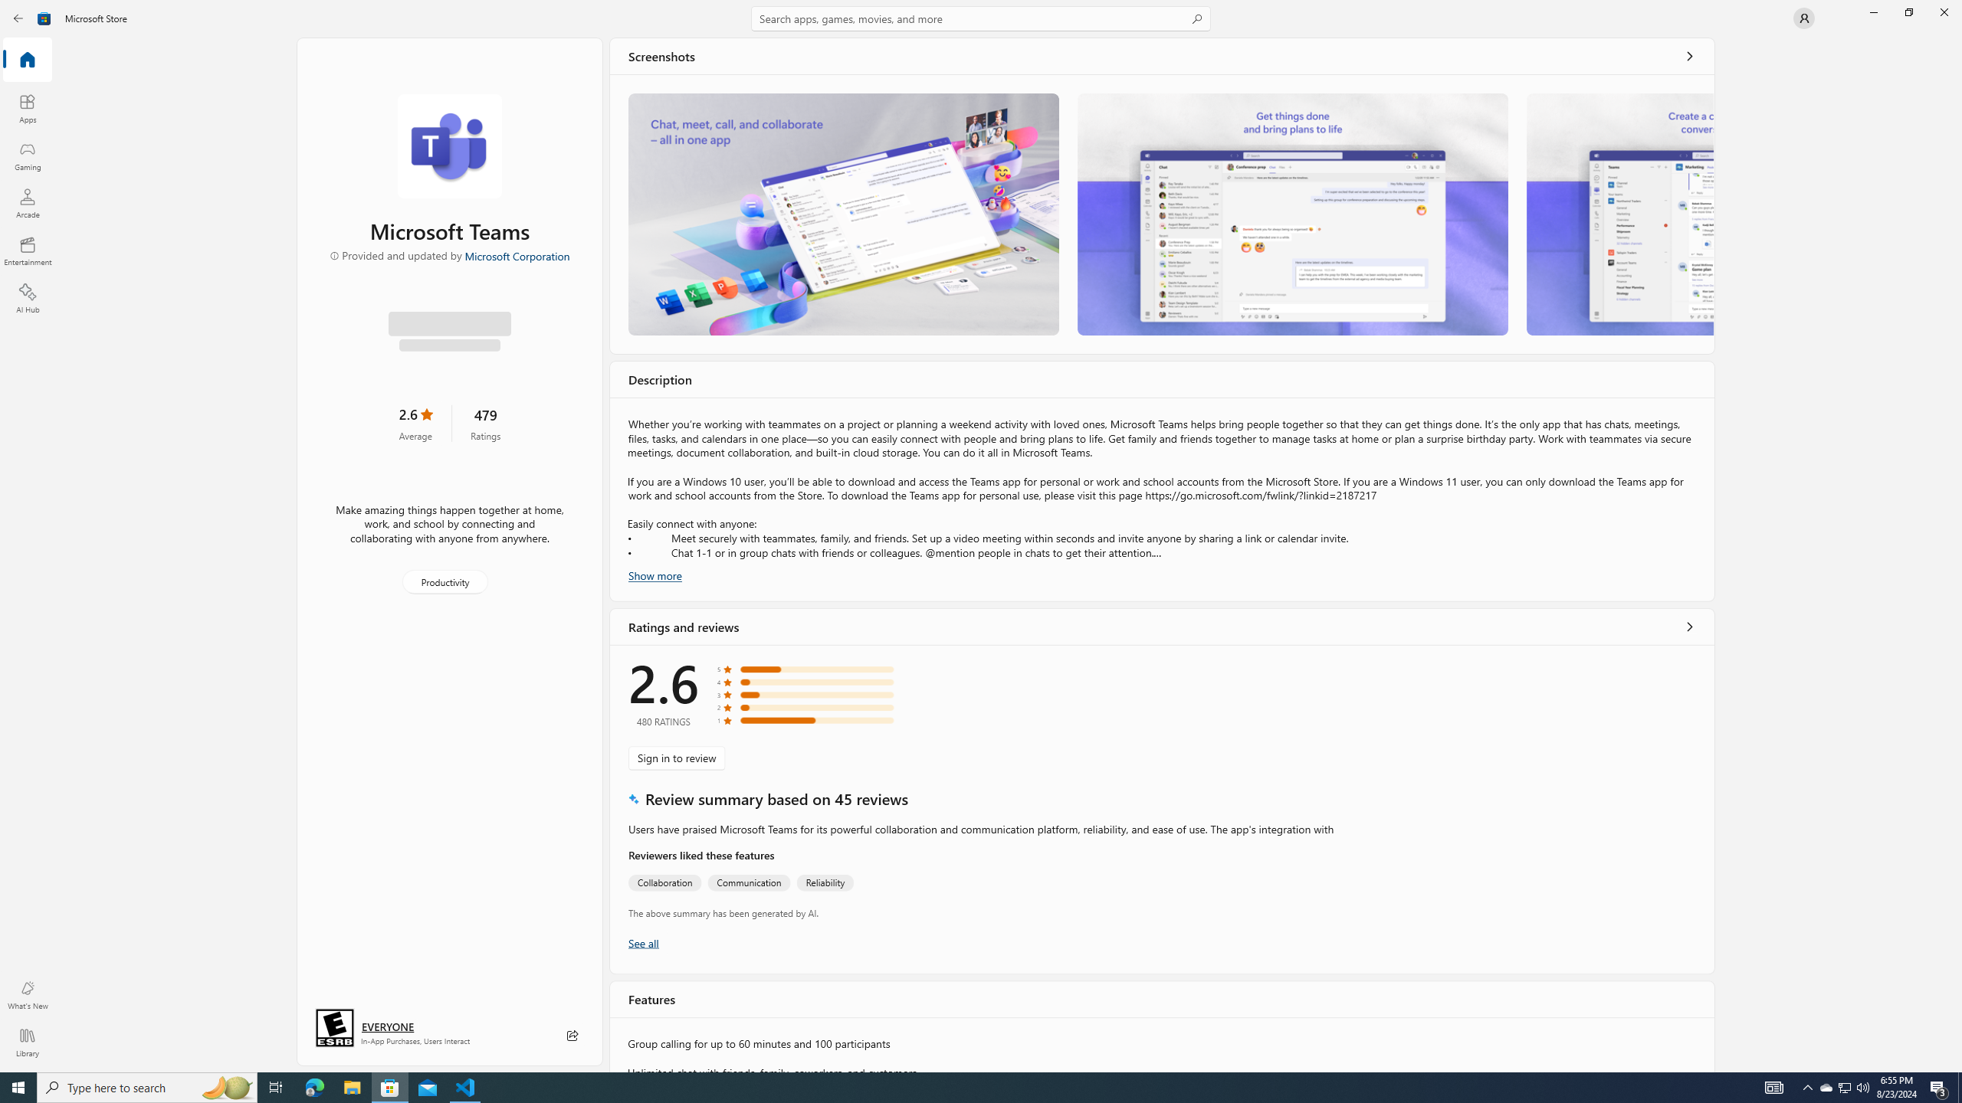 Image resolution: width=1962 pixels, height=1103 pixels. I want to click on 'AI Hub', so click(26, 297).